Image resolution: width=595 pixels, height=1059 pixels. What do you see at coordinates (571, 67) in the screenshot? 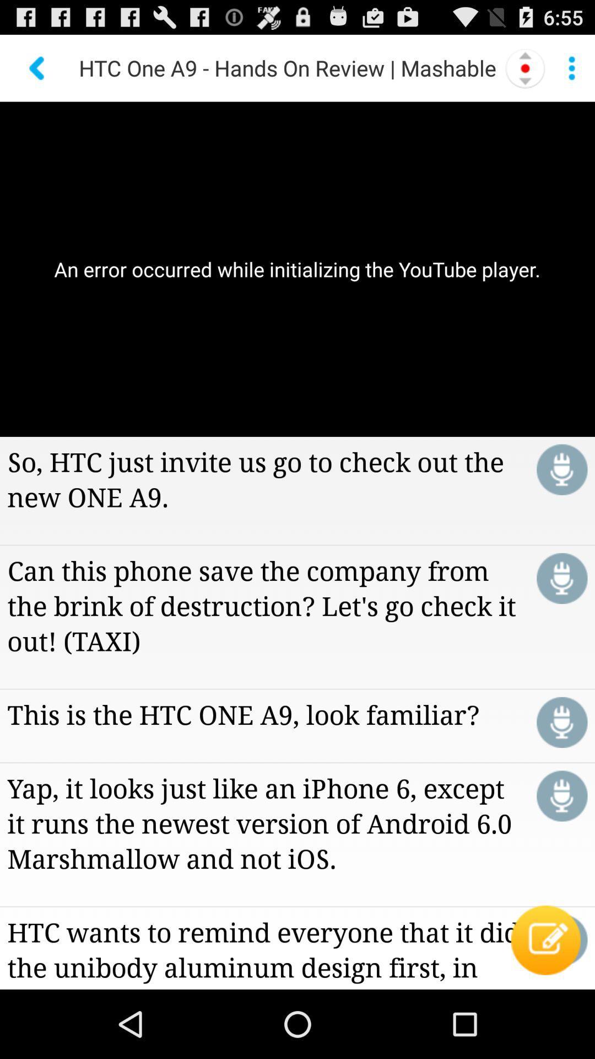
I see `icon above an error occurred` at bounding box center [571, 67].